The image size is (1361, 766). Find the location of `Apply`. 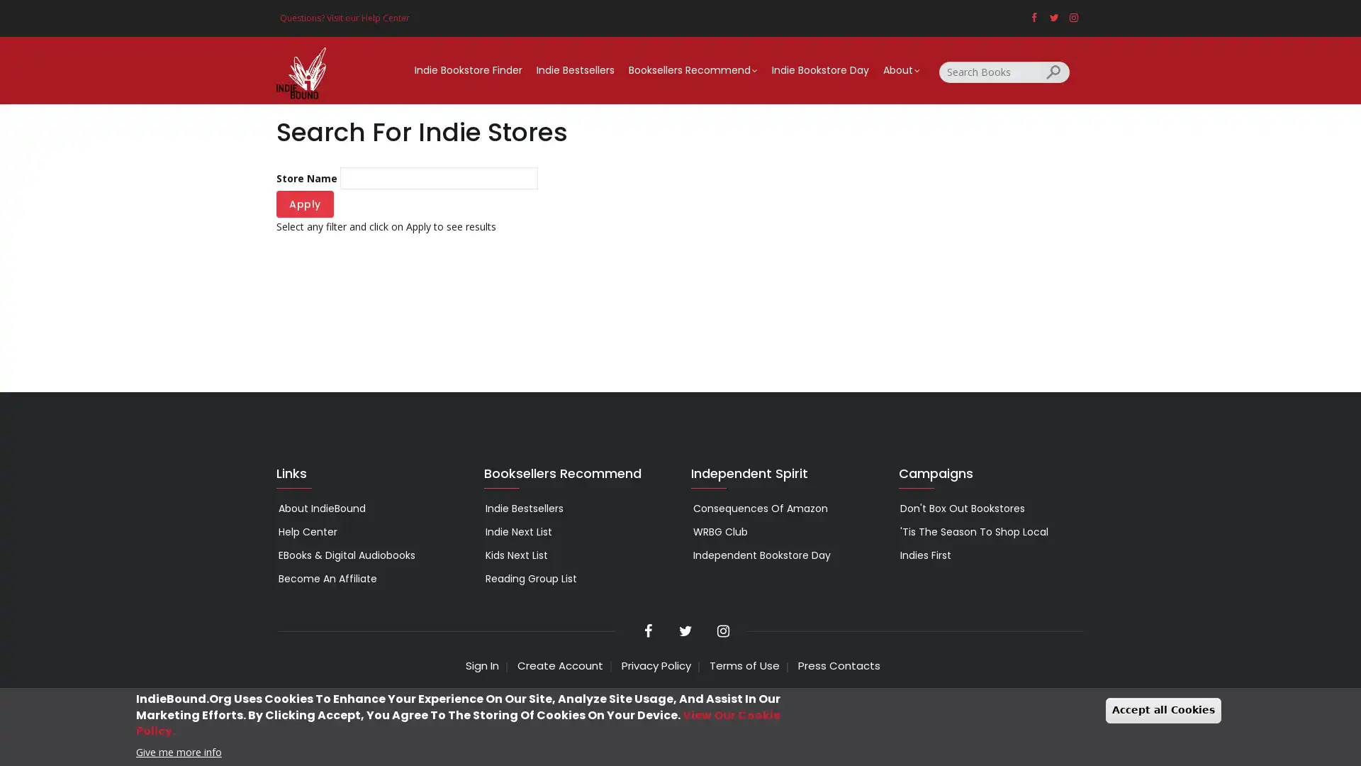

Apply is located at coordinates (304, 204).